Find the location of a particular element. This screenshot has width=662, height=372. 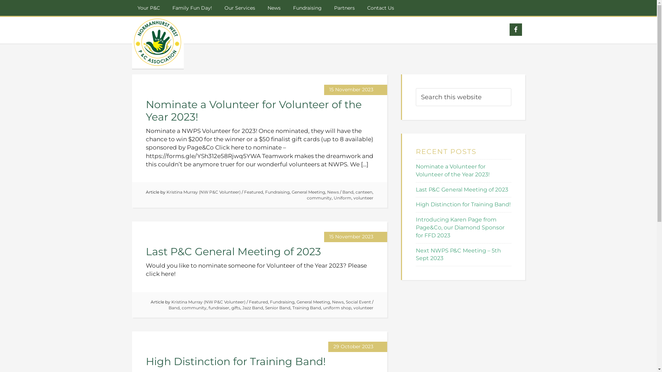

'Family Fun Day!' is located at coordinates (167, 8).